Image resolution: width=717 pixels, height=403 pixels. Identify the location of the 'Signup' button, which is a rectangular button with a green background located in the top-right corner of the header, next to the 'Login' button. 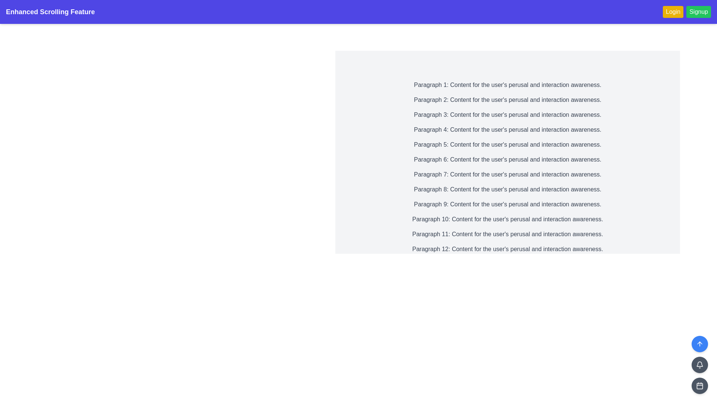
(687, 12).